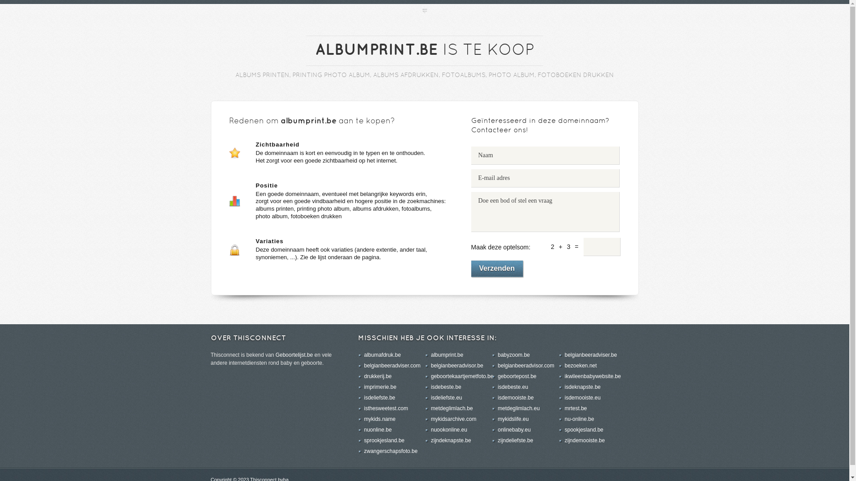 The width and height of the screenshot is (856, 481). What do you see at coordinates (451, 408) in the screenshot?
I see `'metdeglimlach.be'` at bounding box center [451, 408].